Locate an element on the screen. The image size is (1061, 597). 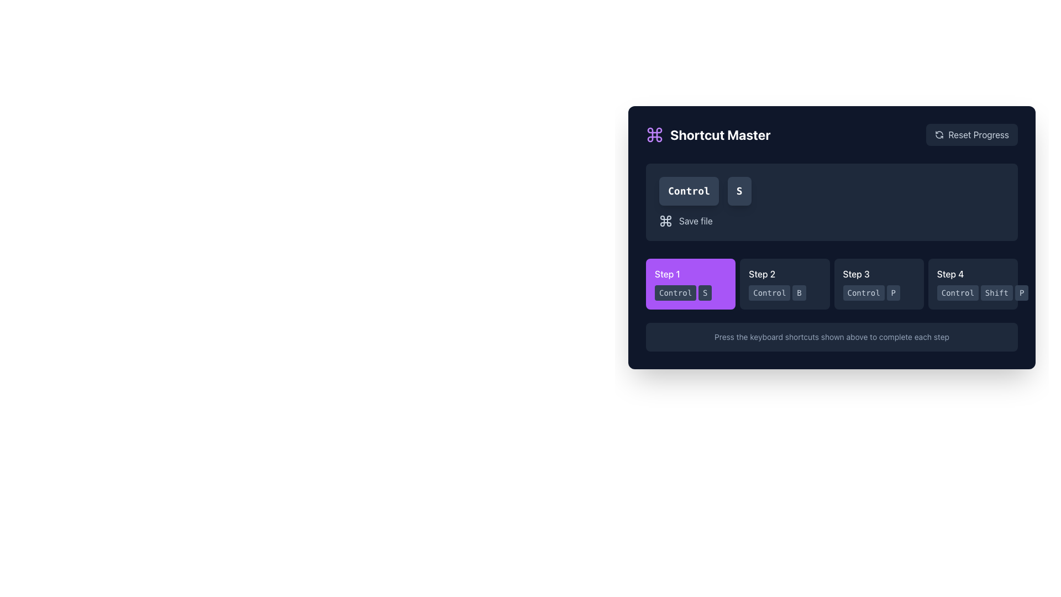
the 'Step 1' text label, which is displayed in white font on a bright purple background, located at the bottom segment of the 'Shortcut Master' panel, inside the first purple box is located at coordinates (666, 274).